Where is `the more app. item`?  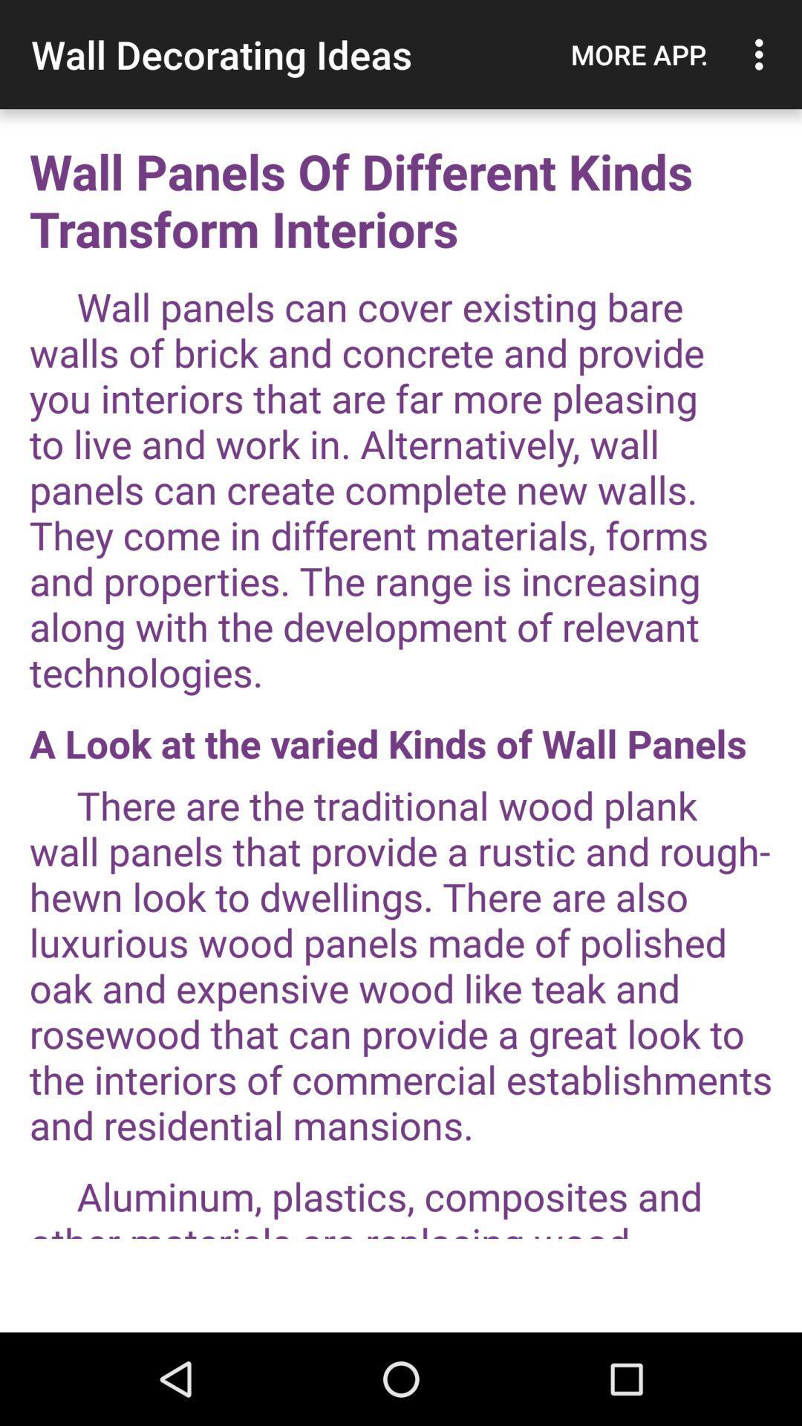
the more app. item is located at coordinates (639, 54).